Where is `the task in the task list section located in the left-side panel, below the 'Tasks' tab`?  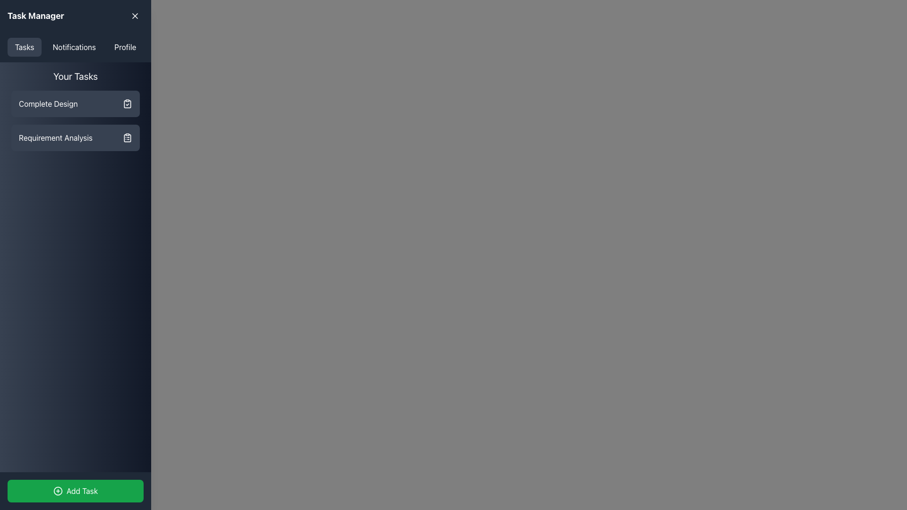
the task in the task list section located in the left-side panel, below the 'Tasks' tab is located at coordinates (75, 110).